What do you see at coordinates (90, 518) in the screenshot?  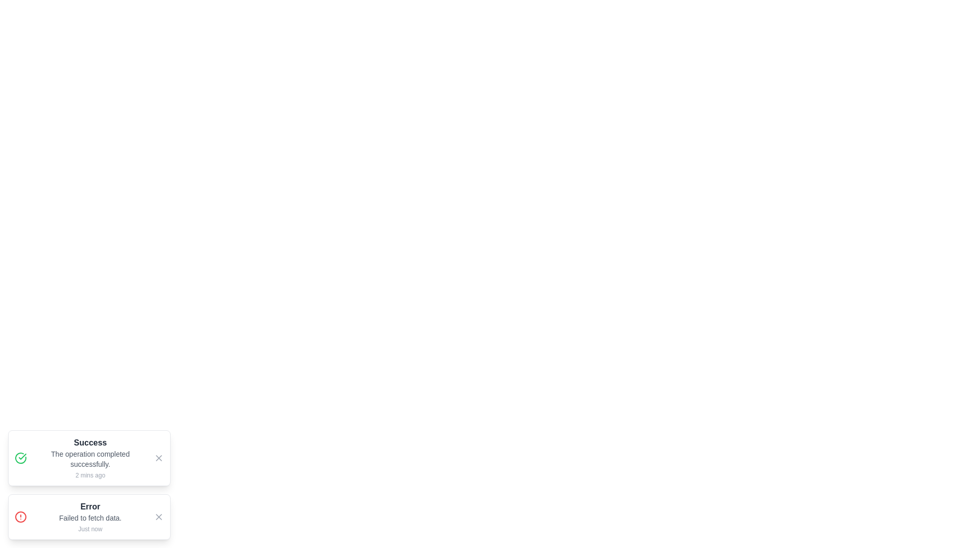 I see `the second text label that displays an error message related to data fetching, located below the title 'Error' and above the timestamp 'Just now'` at bounding box center [90, 518].